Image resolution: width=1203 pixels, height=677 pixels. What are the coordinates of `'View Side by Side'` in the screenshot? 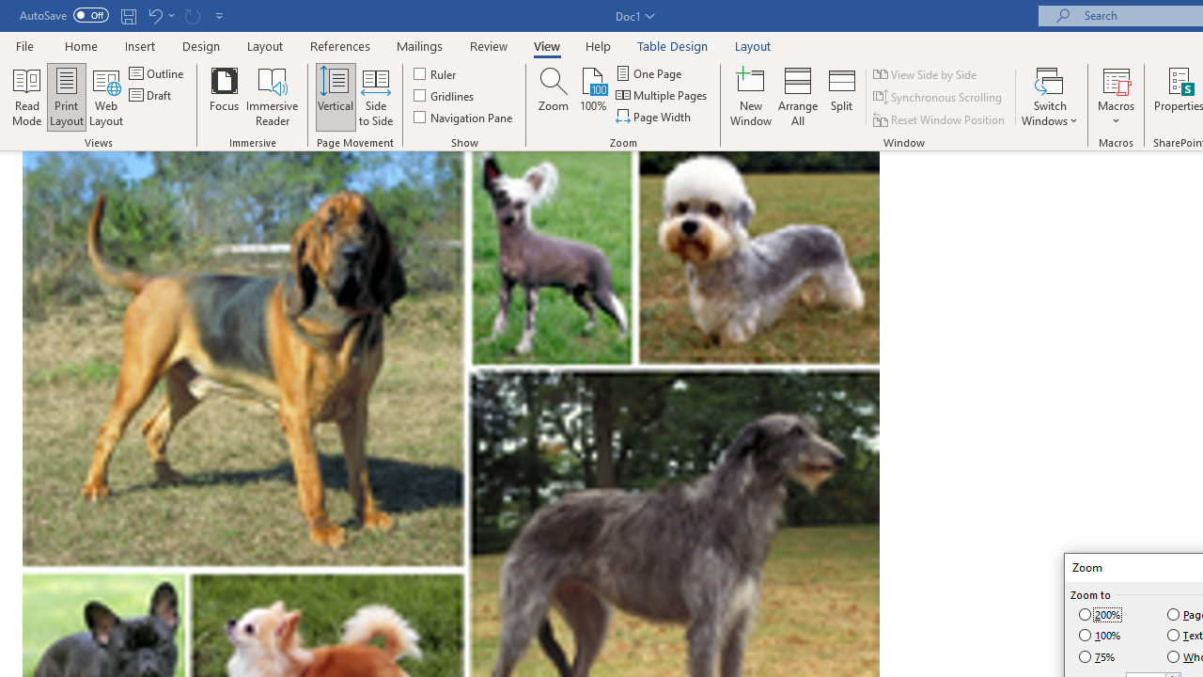 It's located at (926, 73).